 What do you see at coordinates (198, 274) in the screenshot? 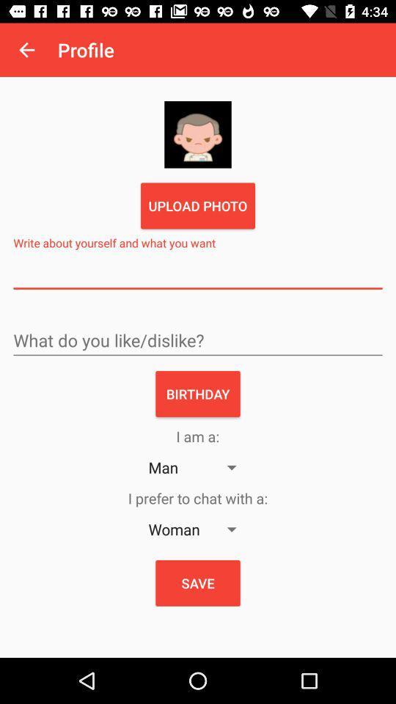
I see `text` at bounding box center [198, 274].